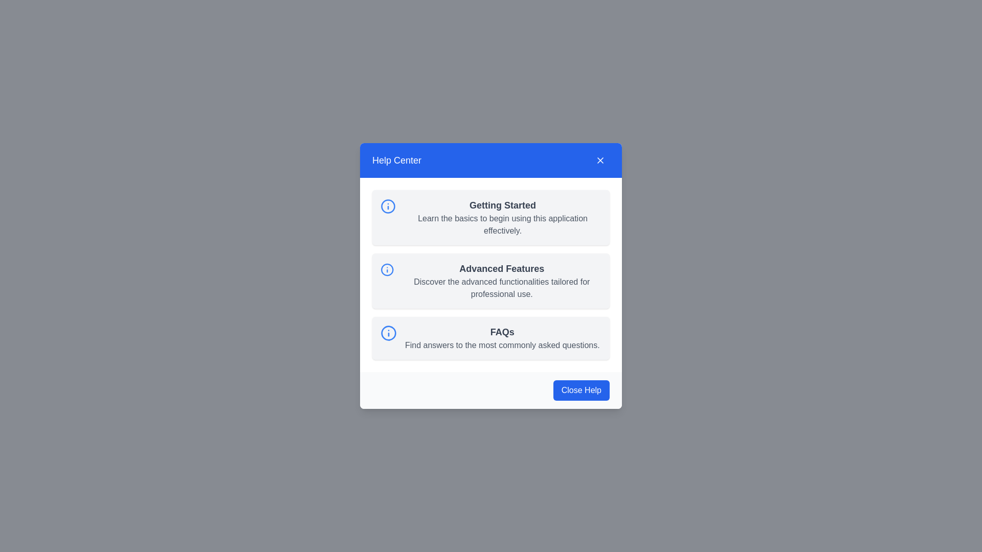 The image size is (982, 552). I want to click on the Close button located in the top-right corner of the 'Help Center' dialog, so click(600, 160).